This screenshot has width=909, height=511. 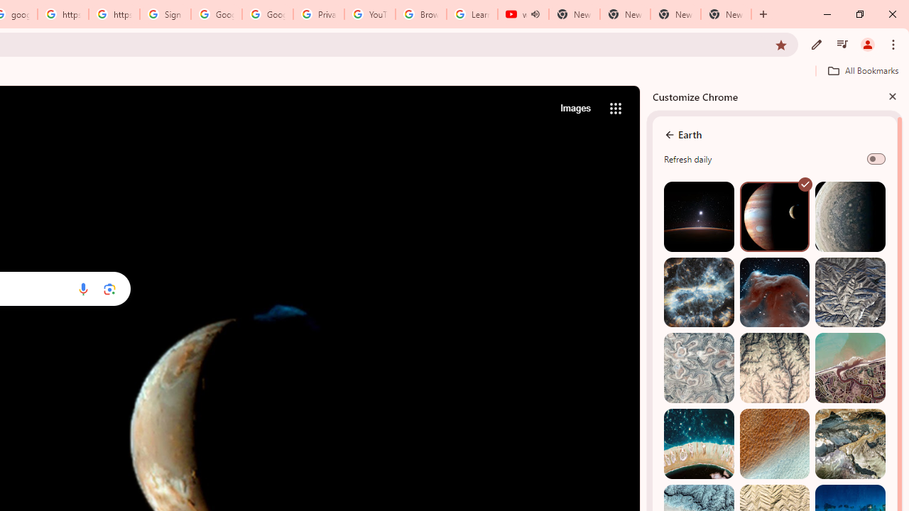 I want to click on 'Refresh daily', so click(x=875, y=158).